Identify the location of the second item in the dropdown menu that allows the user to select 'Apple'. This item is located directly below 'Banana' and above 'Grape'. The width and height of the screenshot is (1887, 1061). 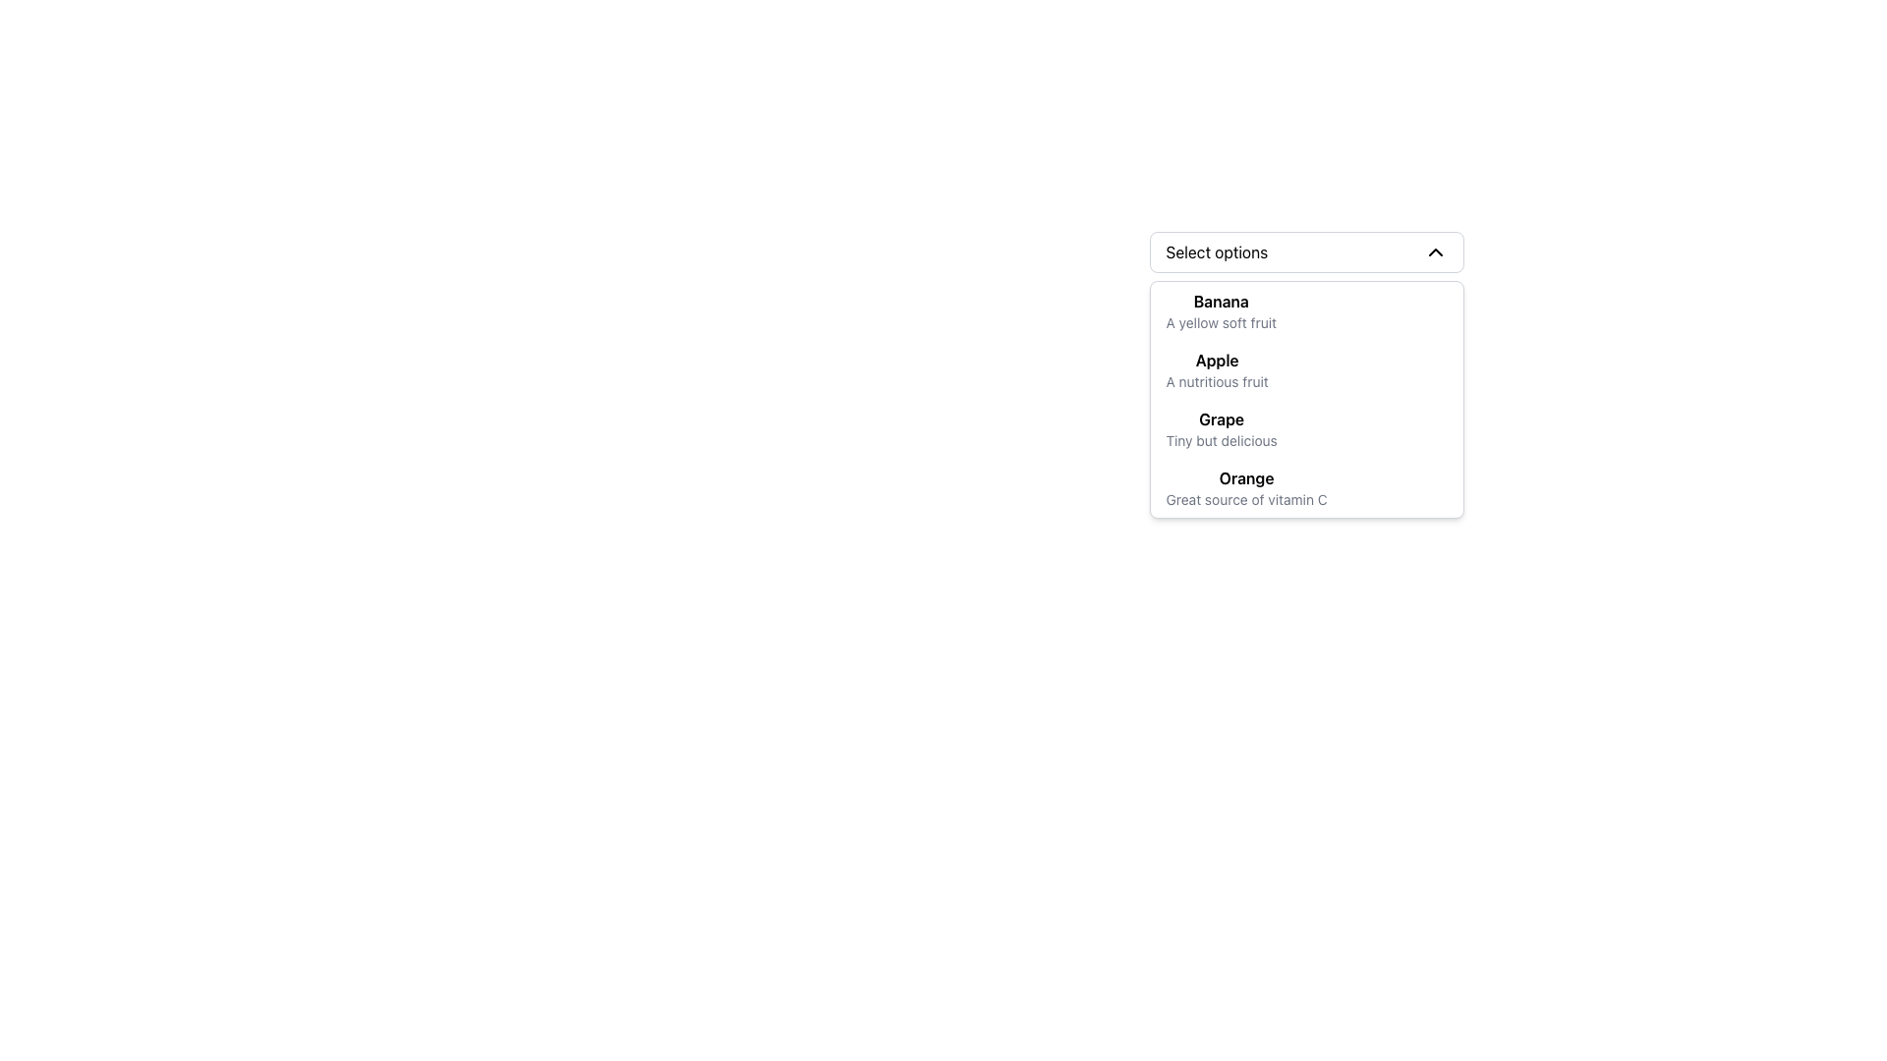
(1306, 370).